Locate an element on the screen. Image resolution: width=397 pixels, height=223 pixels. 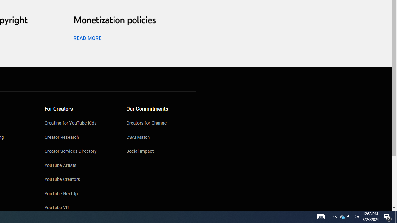
'Creator Services Directory' is located at coordinates (79, 152).